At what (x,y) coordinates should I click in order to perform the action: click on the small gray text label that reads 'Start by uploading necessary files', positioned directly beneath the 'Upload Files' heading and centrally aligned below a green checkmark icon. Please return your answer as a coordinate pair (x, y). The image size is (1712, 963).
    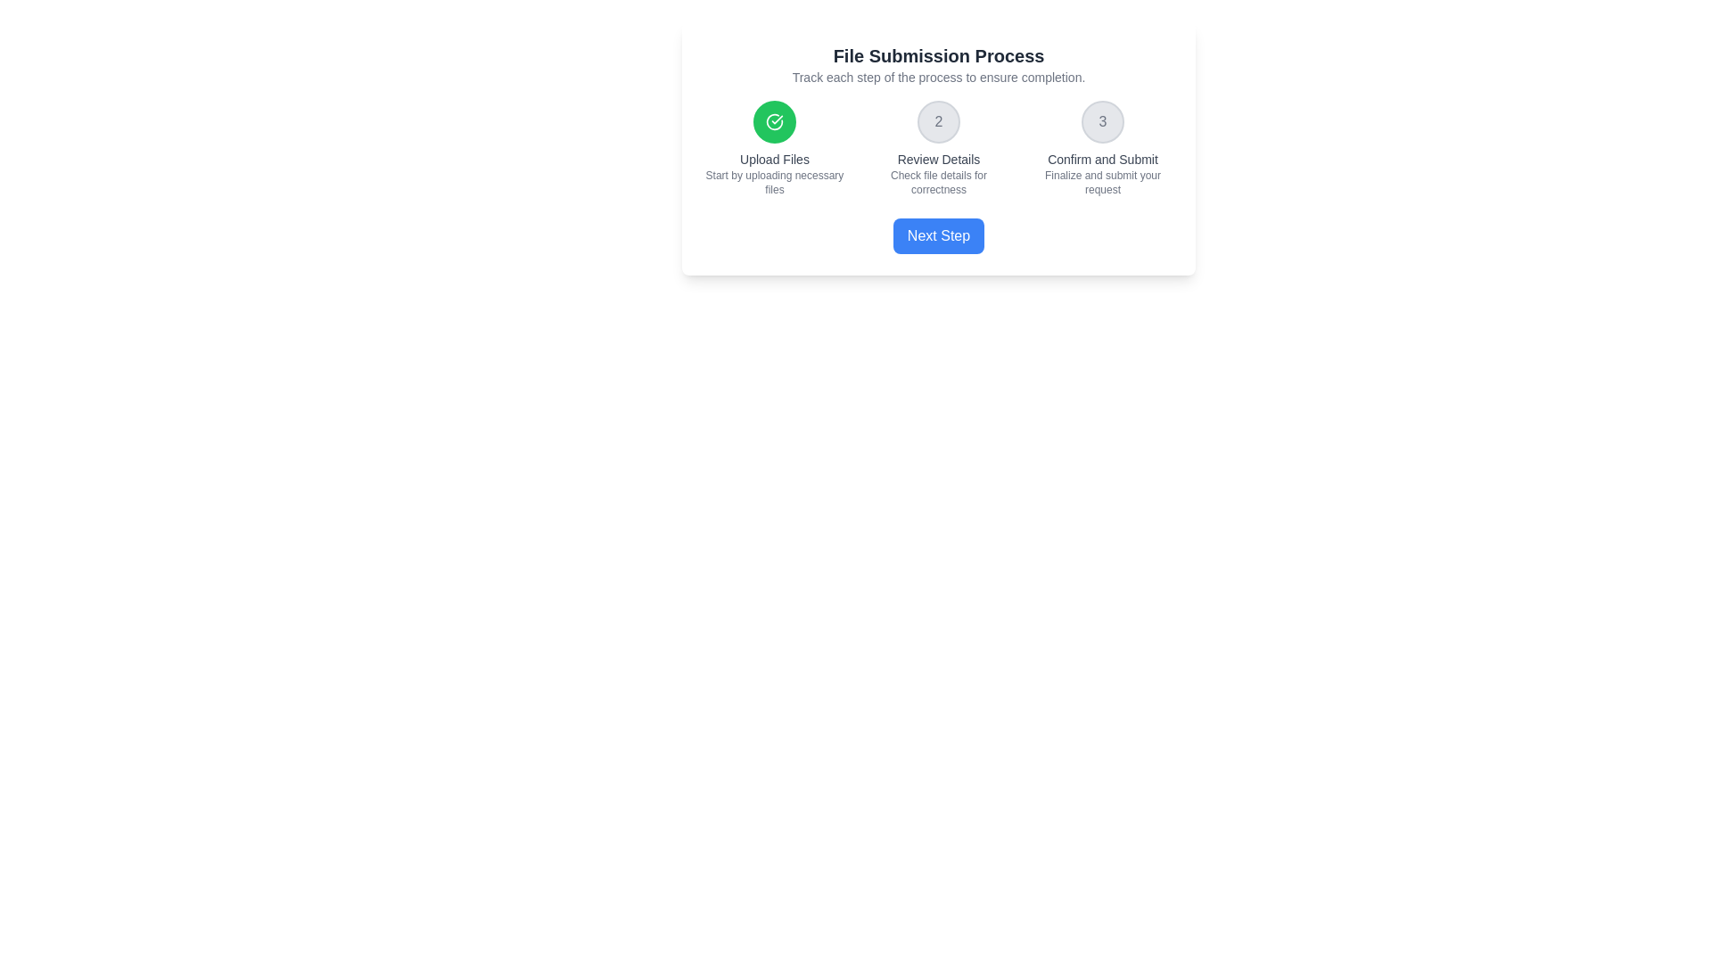
    Looking at the image, I should click on (774, 182).